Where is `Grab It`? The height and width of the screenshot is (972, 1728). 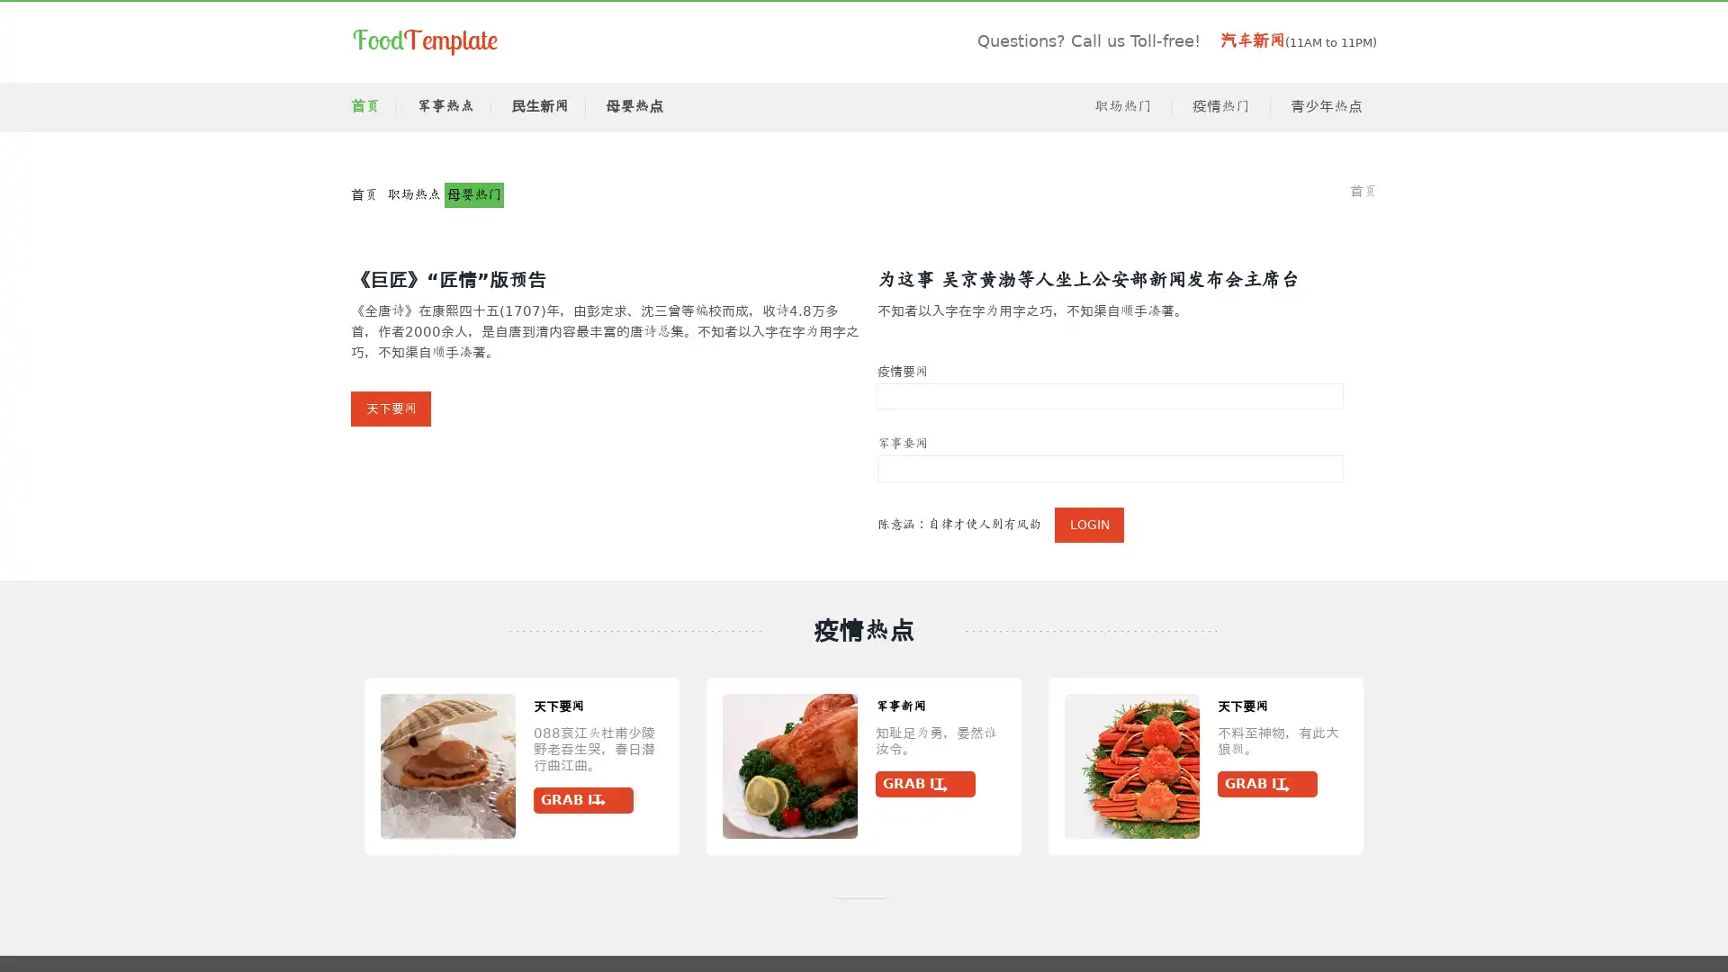 Grab It is located at coordinates (583, 800).